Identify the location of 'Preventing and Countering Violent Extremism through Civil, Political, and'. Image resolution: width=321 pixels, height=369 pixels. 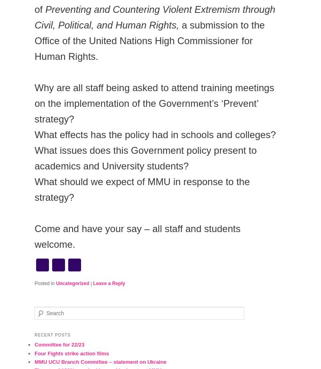
(35, 17).